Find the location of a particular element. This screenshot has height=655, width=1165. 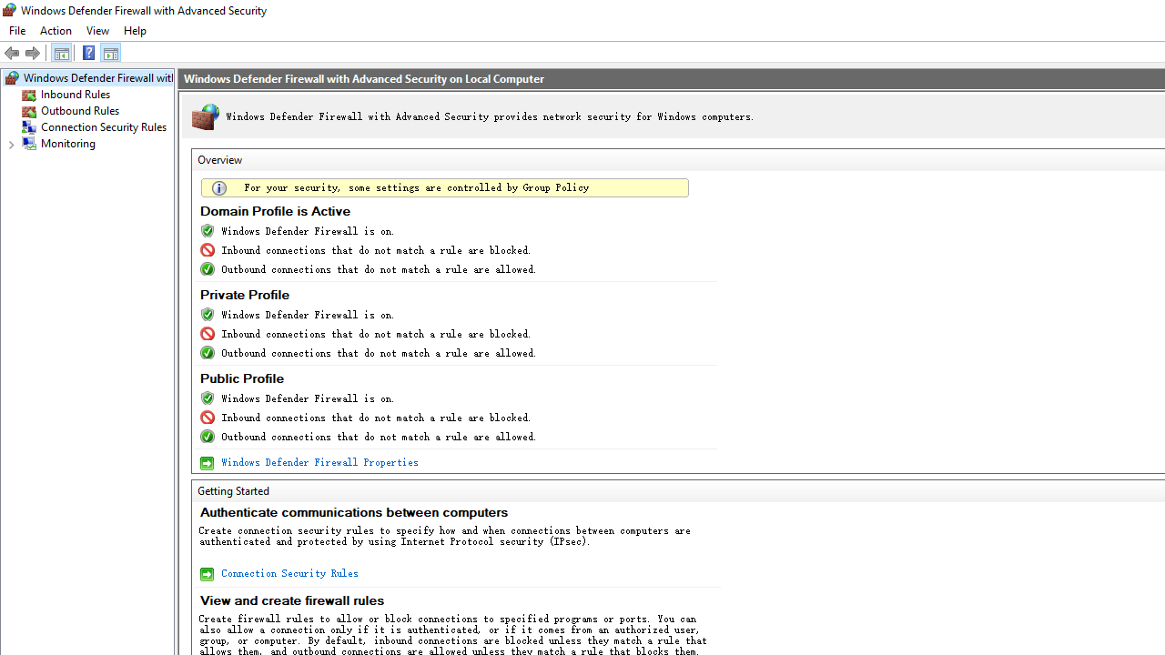

'Help' is located at coordinates (88, 51).